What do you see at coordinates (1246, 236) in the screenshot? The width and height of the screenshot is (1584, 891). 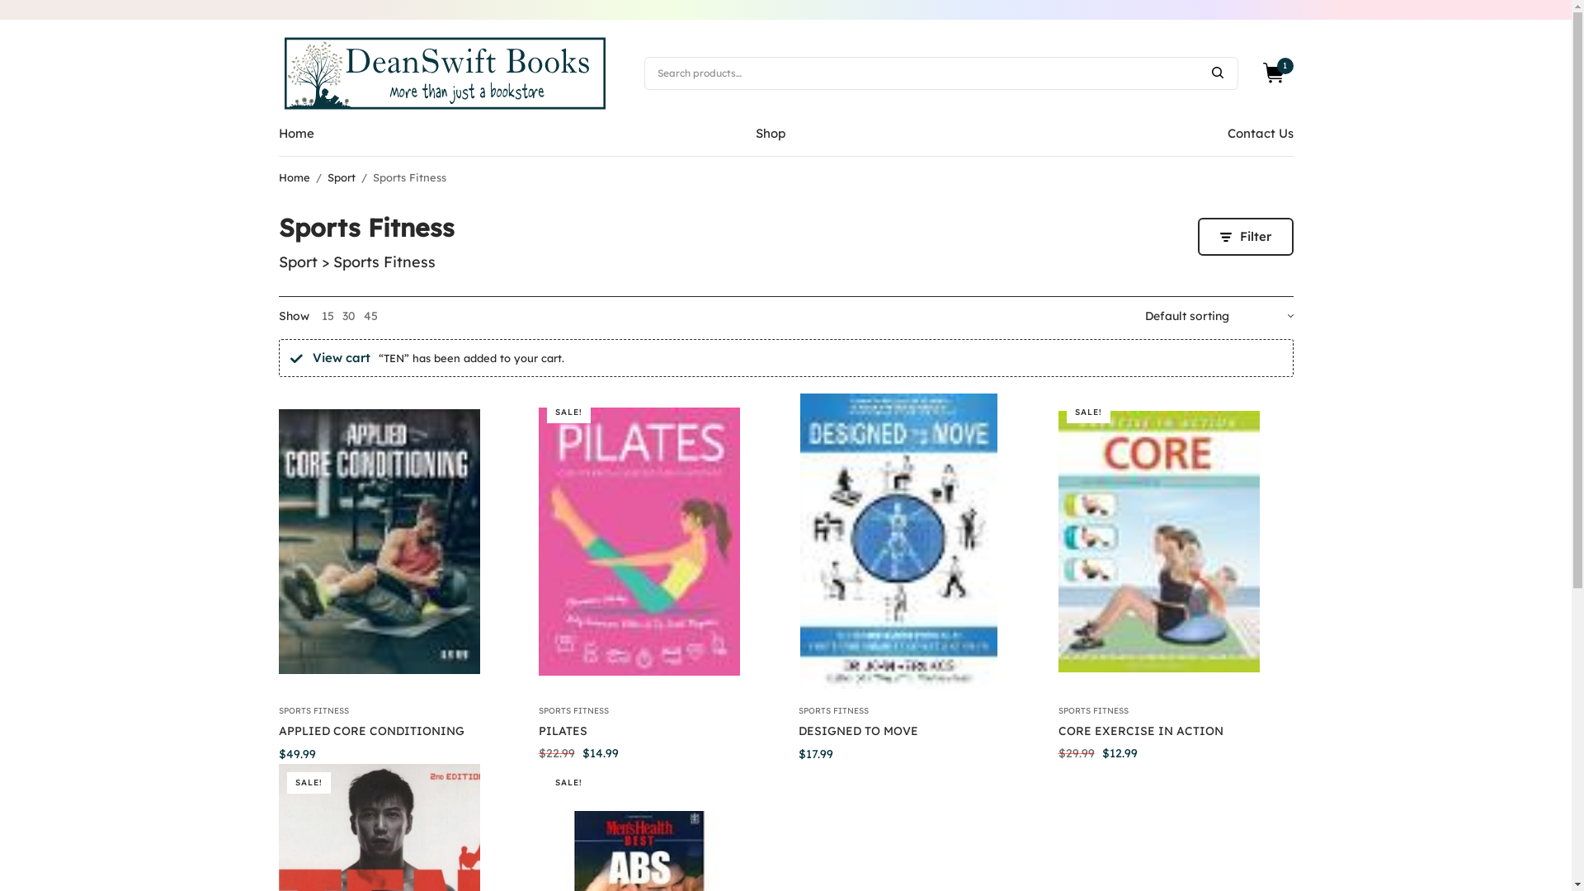 I see `'Filter'` at bounding box center [1246, 236].